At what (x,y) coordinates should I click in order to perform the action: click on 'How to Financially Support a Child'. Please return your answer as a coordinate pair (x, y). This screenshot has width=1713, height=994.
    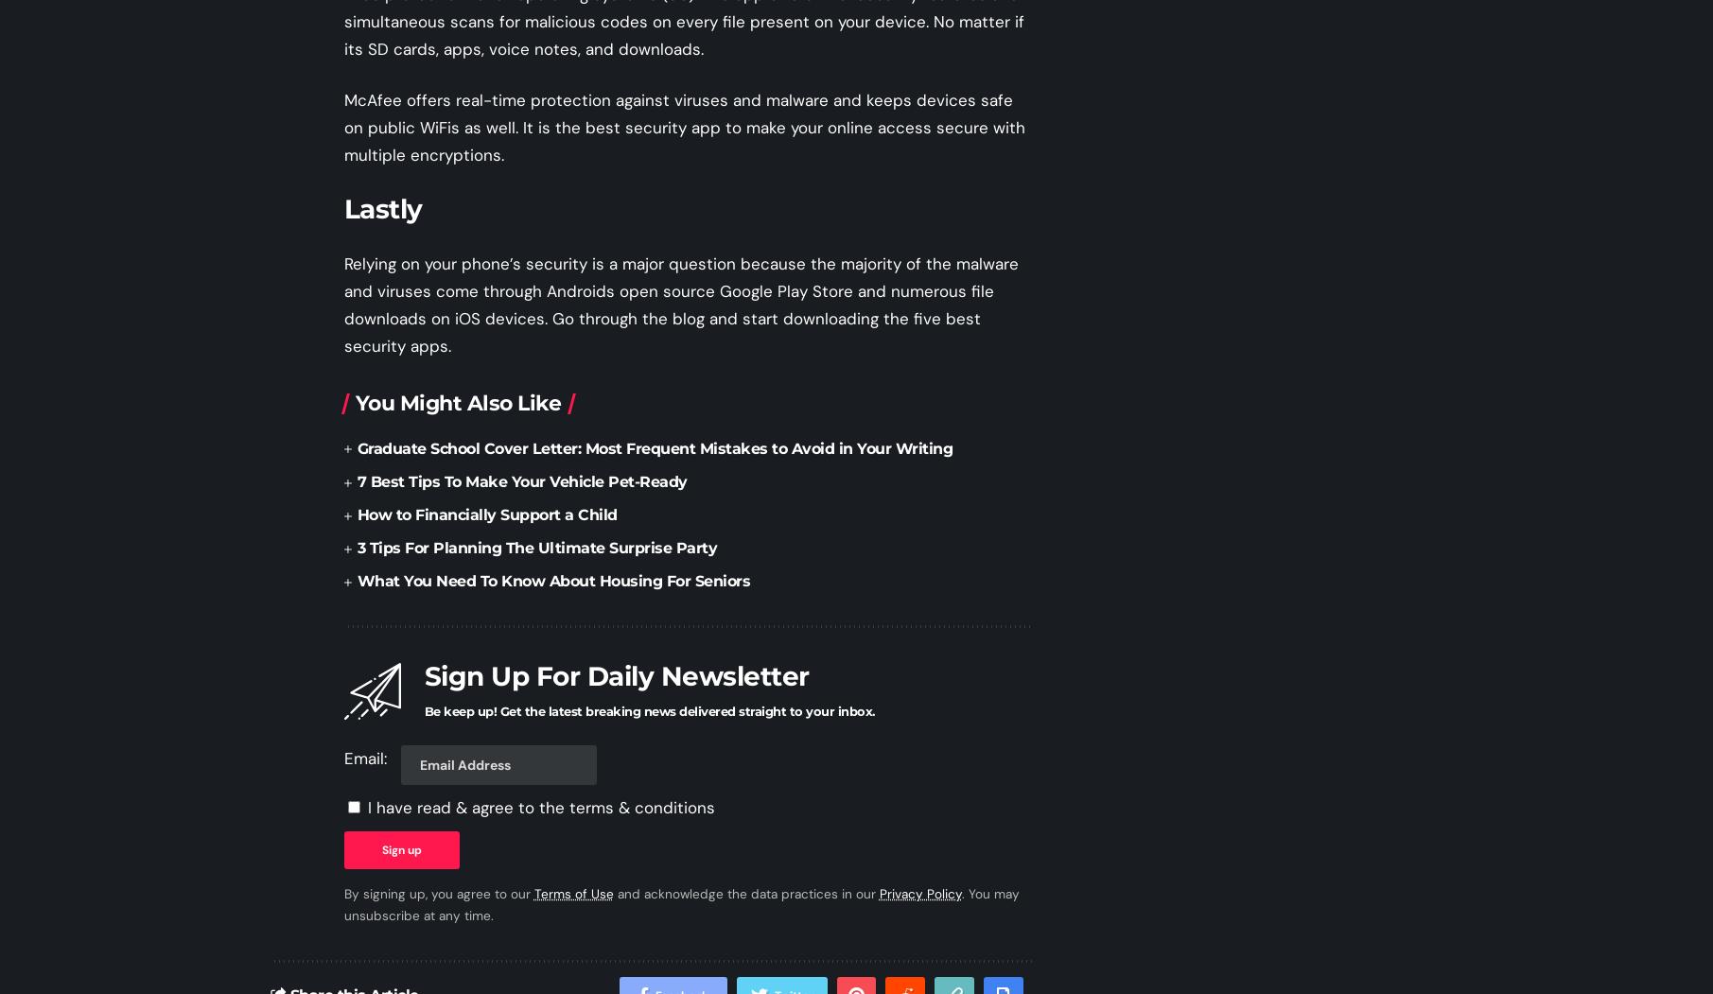
    Looking at the image, I should click on (356, 513).